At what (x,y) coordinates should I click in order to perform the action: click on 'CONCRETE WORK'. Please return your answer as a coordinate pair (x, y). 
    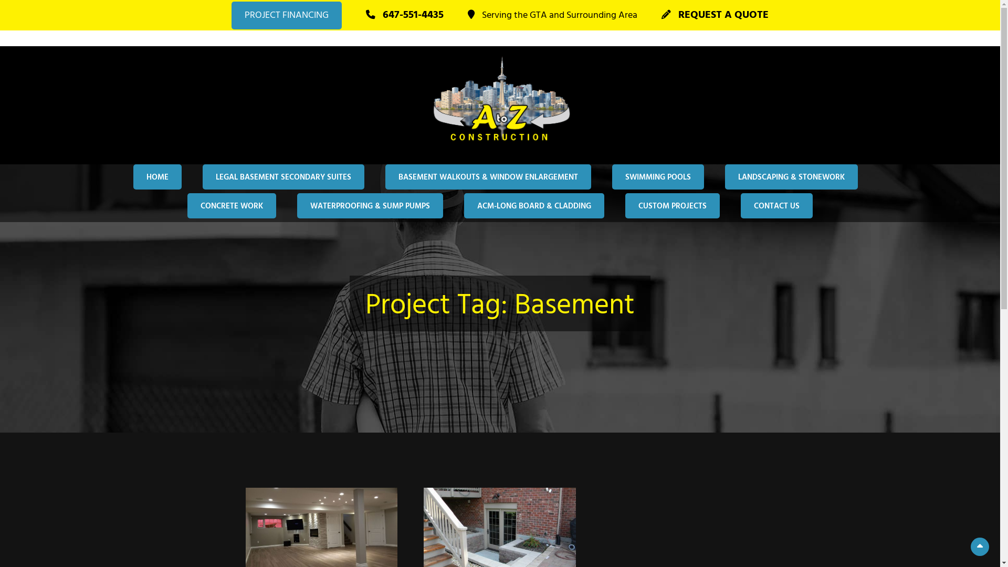
    Looking at the image, I should click on (231, 206).